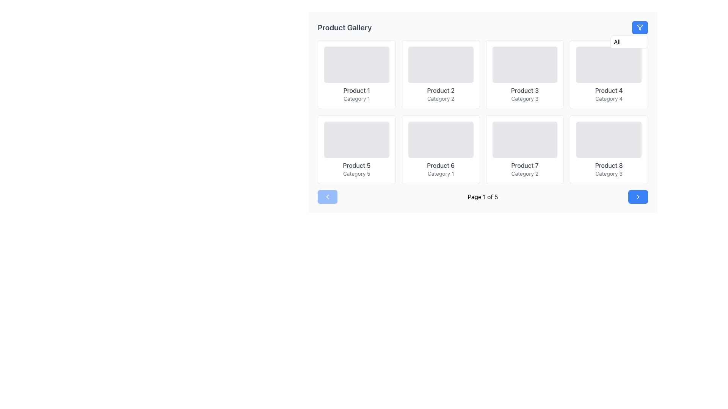 This screenshot has width=728, height=409. What do you see at coordinates (609, 140) in the screenshot?
I see `the placeholder element for 'Product 8' in the product card located in the bottom-right corner of the product gallery interface` at bounding box center [609, 140].